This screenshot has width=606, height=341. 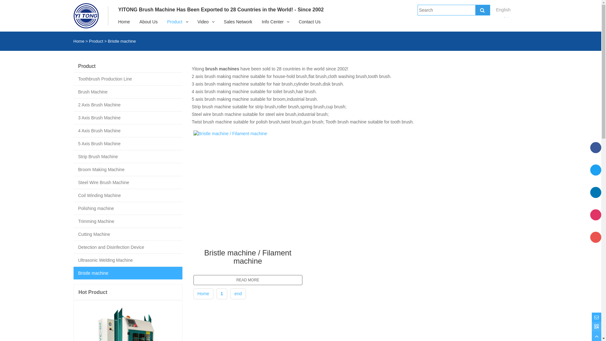 I want to click on 'Steel Wire Brush Machine', so click(x=127, y=182).